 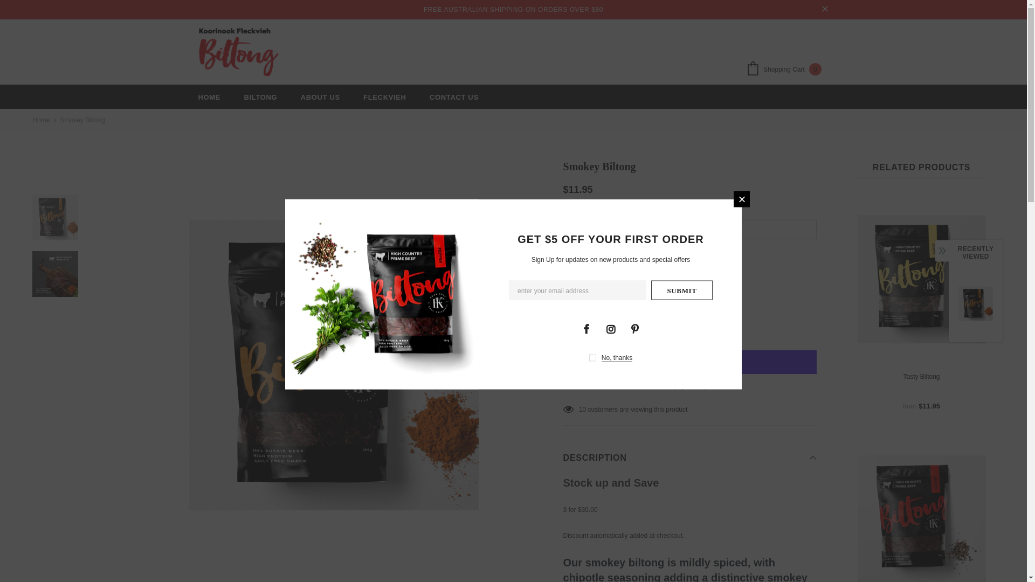 What do you see at coordinates (238, 52) in the screenshot?
I see `'Logo'` at bounding box center [238, 52].